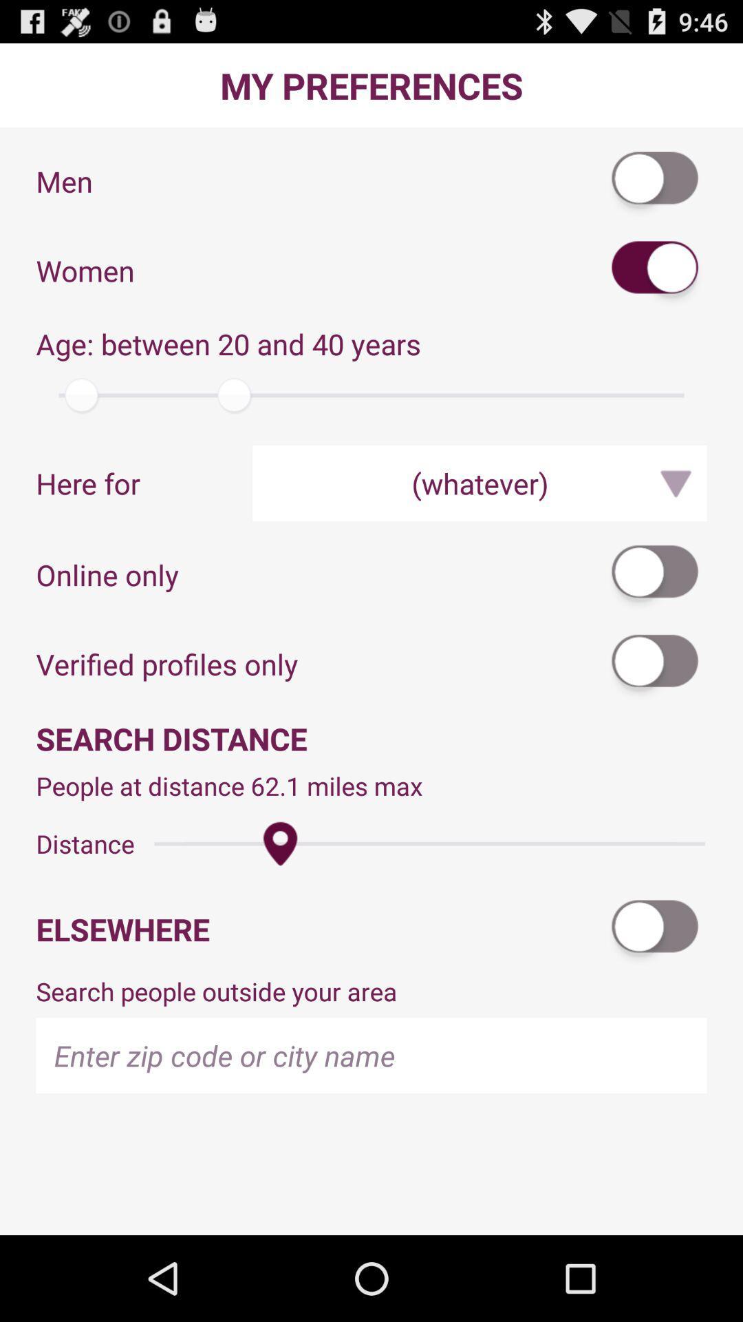 This screenshot has height=1322, width=743. Describe the element at coordinates (655, 574) in the screenshot. I see `the app below the (whatever) app` at that location.